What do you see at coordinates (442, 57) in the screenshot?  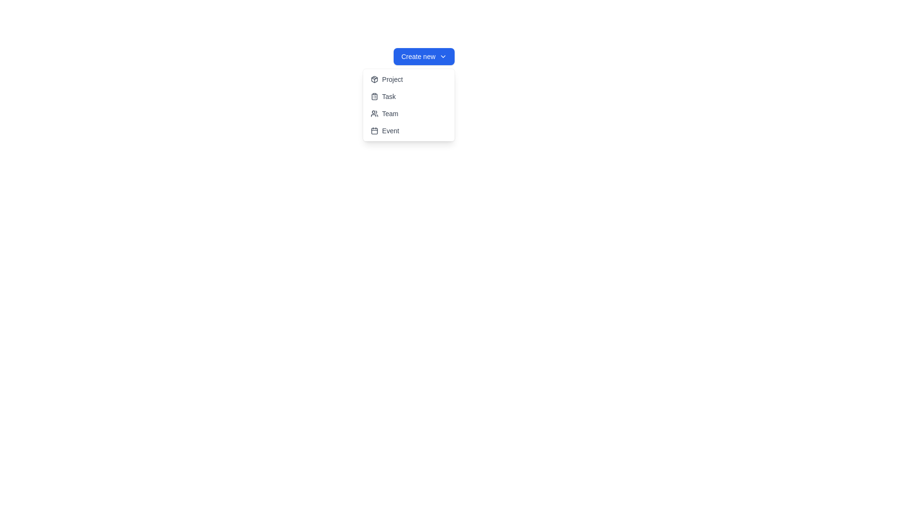 I see `the small, downward-pointing chevron icon adjacent to the 'Create new' text label` at bounding box center [442, 57].